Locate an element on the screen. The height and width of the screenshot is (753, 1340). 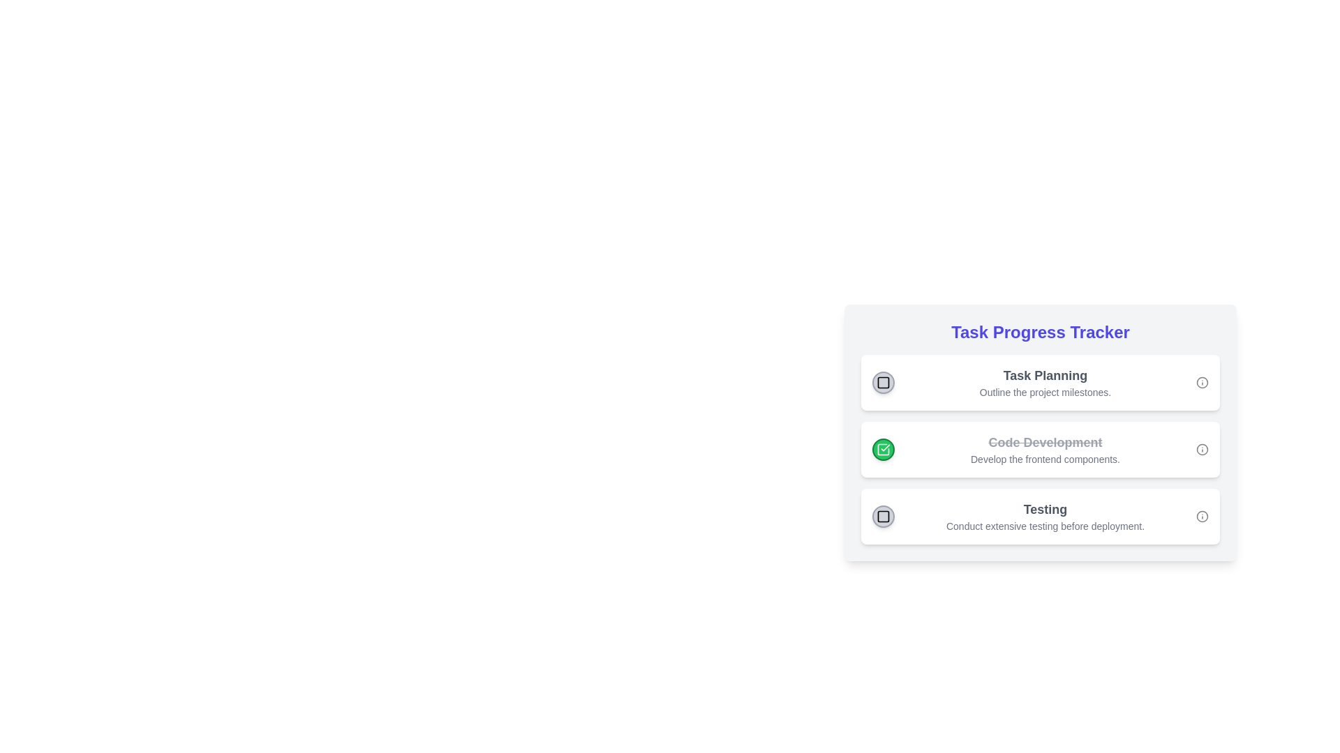
the square icon with a thin black border and light gray background, located in the upper part of the 'Task Planning' card in the progress tracker interface is located at coordinates (883, 382).